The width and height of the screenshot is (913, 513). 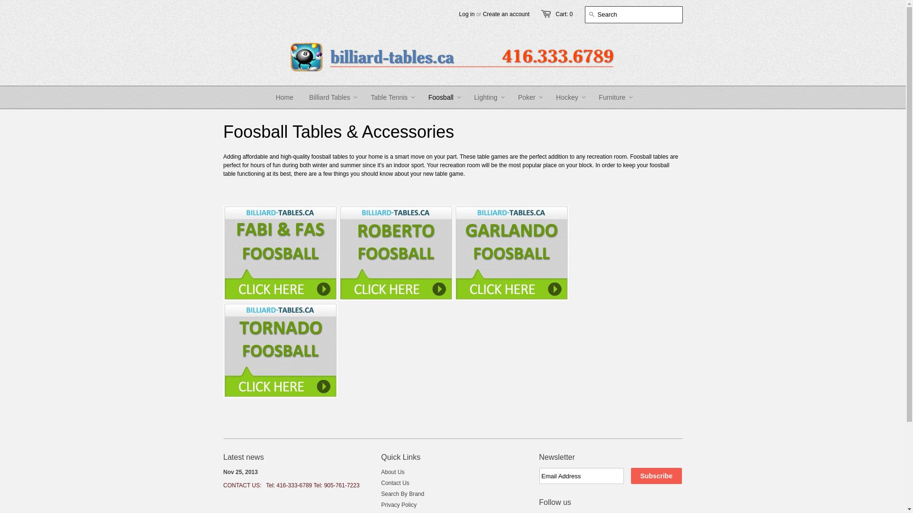 What do you see at coordinates (486, 97) in the screenshot?
I see `'Lighting'` at bounding box center [486, 97].